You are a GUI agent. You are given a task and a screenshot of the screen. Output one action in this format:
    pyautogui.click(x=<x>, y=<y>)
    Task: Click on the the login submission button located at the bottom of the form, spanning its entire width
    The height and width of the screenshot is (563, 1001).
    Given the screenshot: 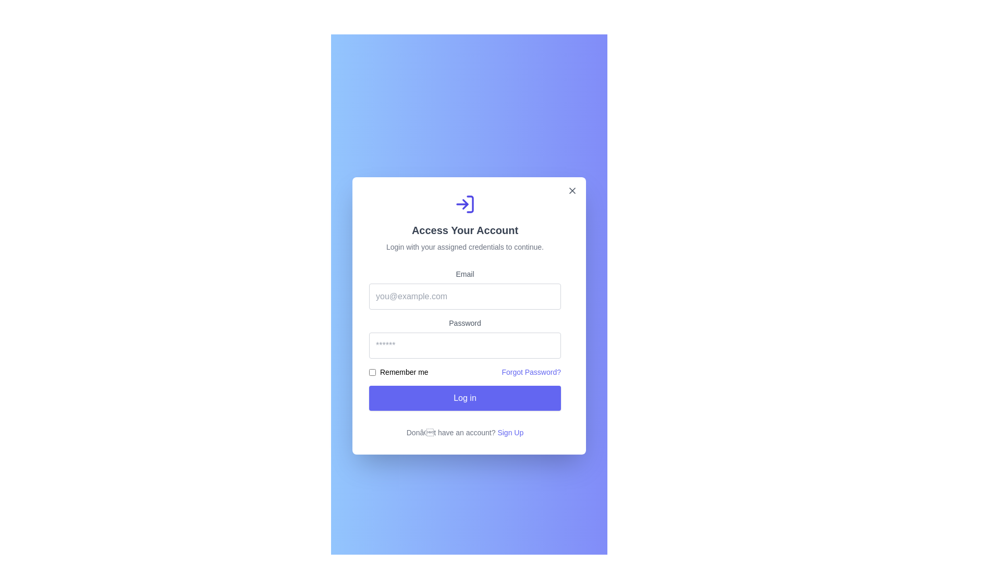 What is the action you would take?
    pyautogui.click(x=465, y=398)
    